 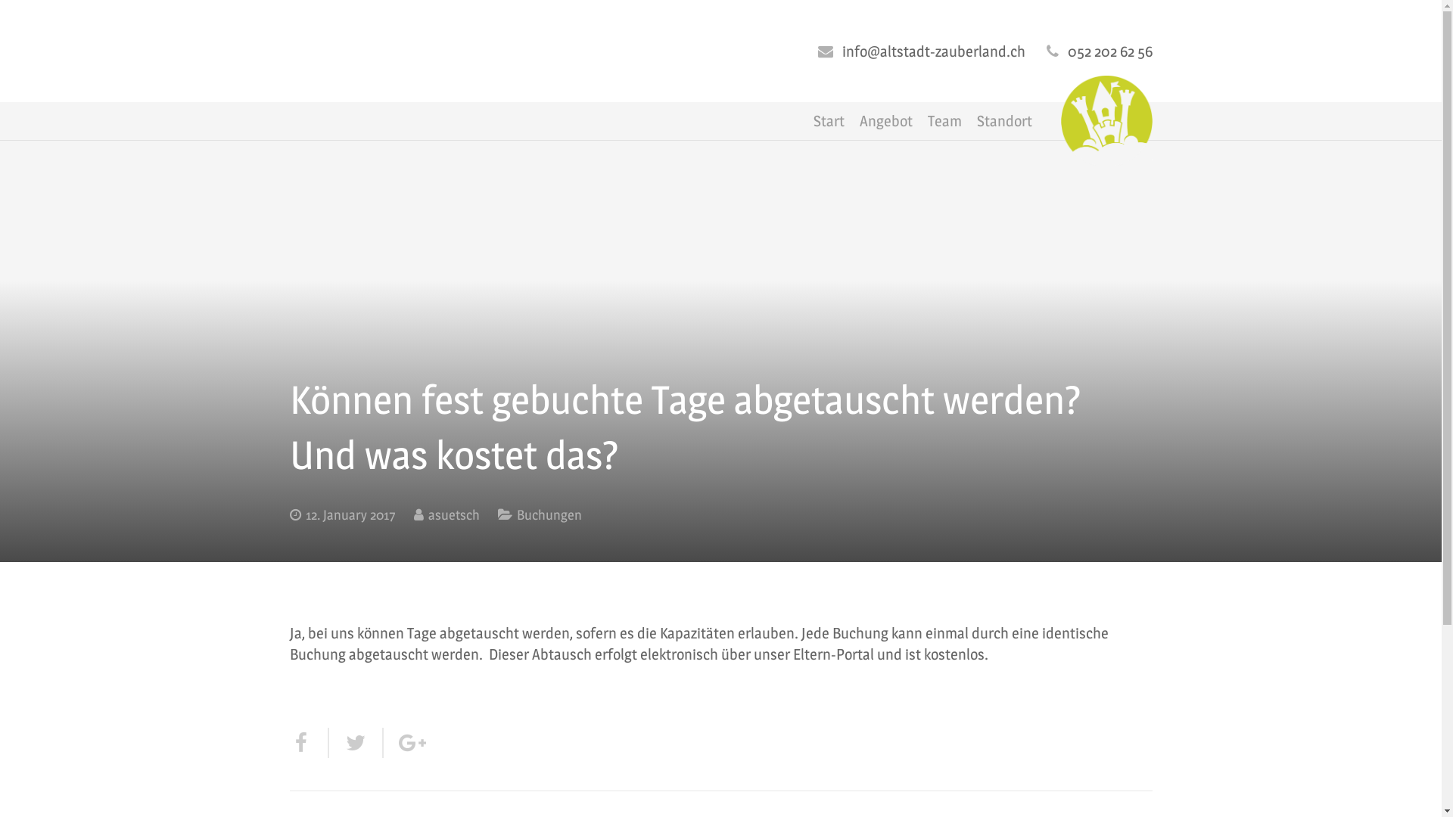 I want to click on 'asuetsch', so click(x=453, y=514).